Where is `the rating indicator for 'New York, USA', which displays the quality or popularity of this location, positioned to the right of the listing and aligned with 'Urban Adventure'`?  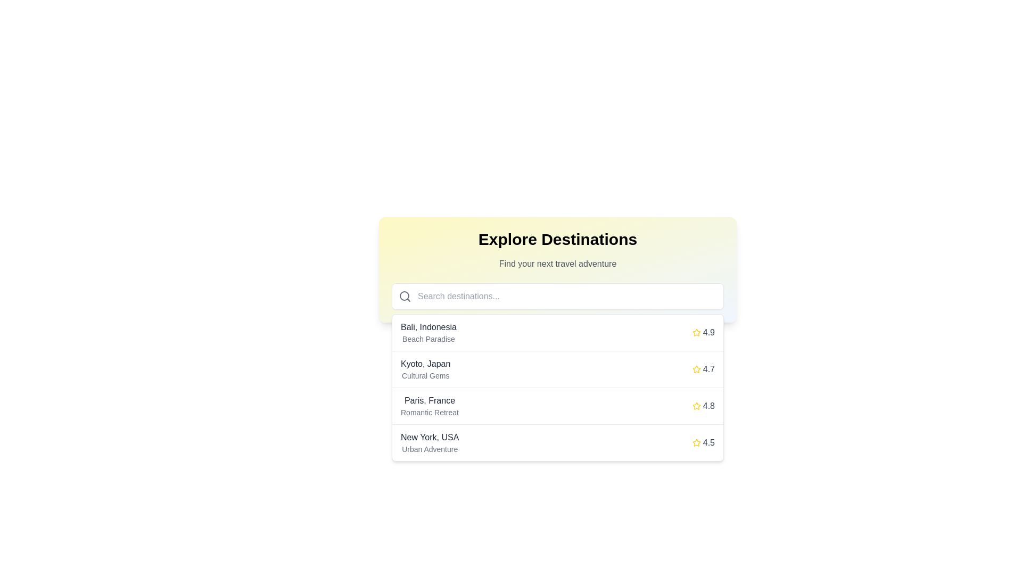 the rating indicator for 'New York, USA', which displays the quality or popularity of this location, positioned to the right of the listing and aligned with 'Urban Adventure' is located at coordinates (703, 443).